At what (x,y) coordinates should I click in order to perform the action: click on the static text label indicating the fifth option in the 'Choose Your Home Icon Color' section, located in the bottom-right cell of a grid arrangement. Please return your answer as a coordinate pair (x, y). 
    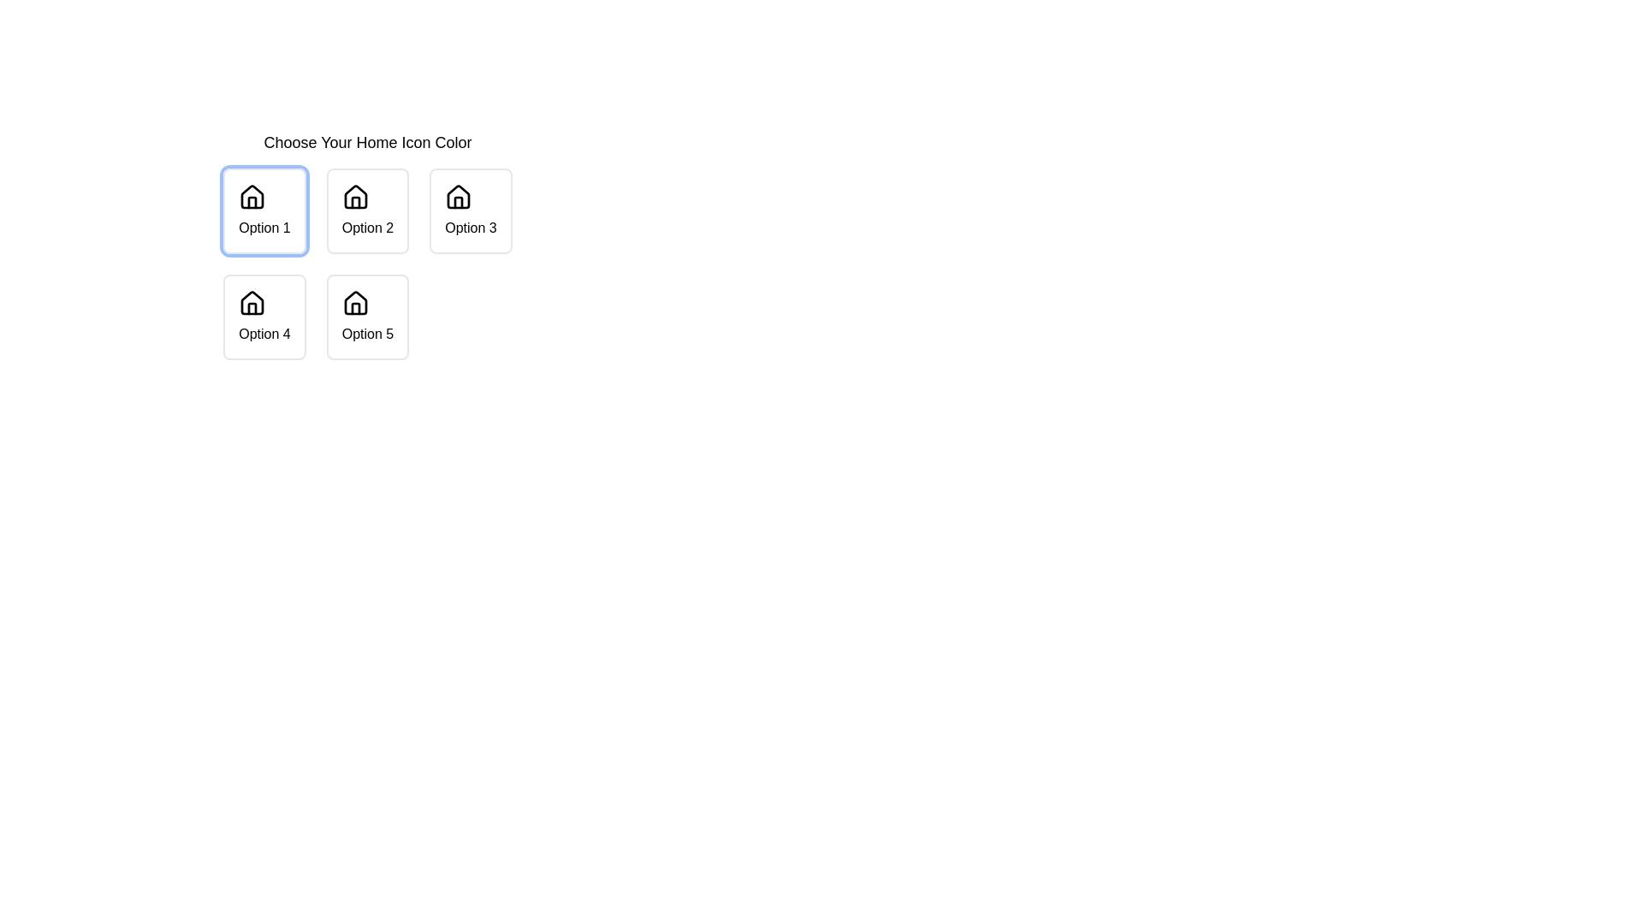
    Looking at the image, I should click on (367, 334).